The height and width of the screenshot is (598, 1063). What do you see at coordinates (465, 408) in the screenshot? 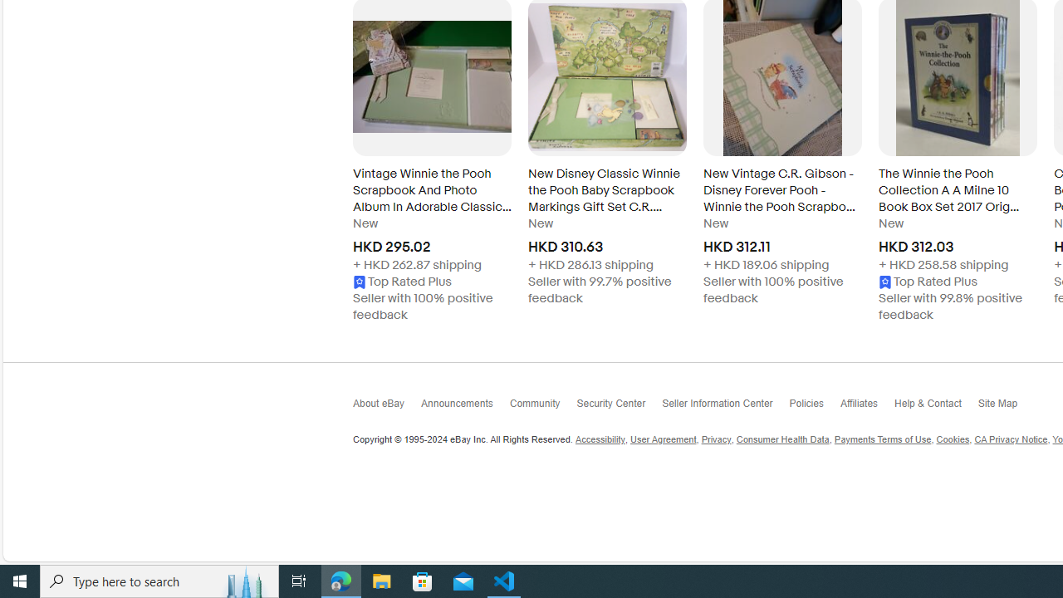
I see `'Announcements'` at bounding box center [465, 408].